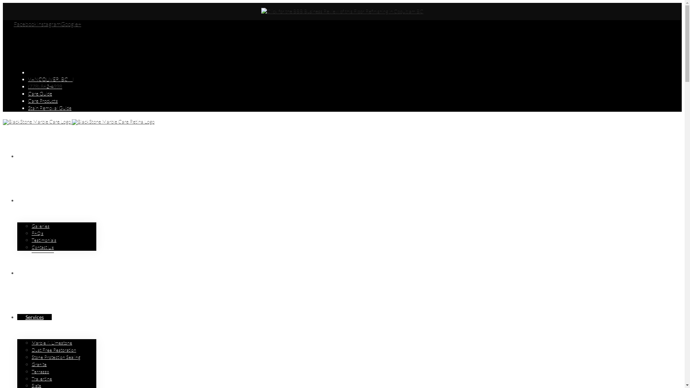  I want to click on '(778) 862-4998', so click(45, 86).